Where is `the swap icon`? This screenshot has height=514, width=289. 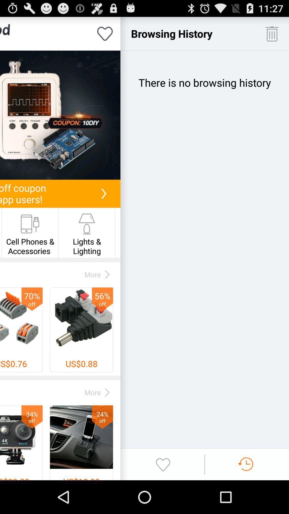
the swap icon is located at coordinates (246, 497).